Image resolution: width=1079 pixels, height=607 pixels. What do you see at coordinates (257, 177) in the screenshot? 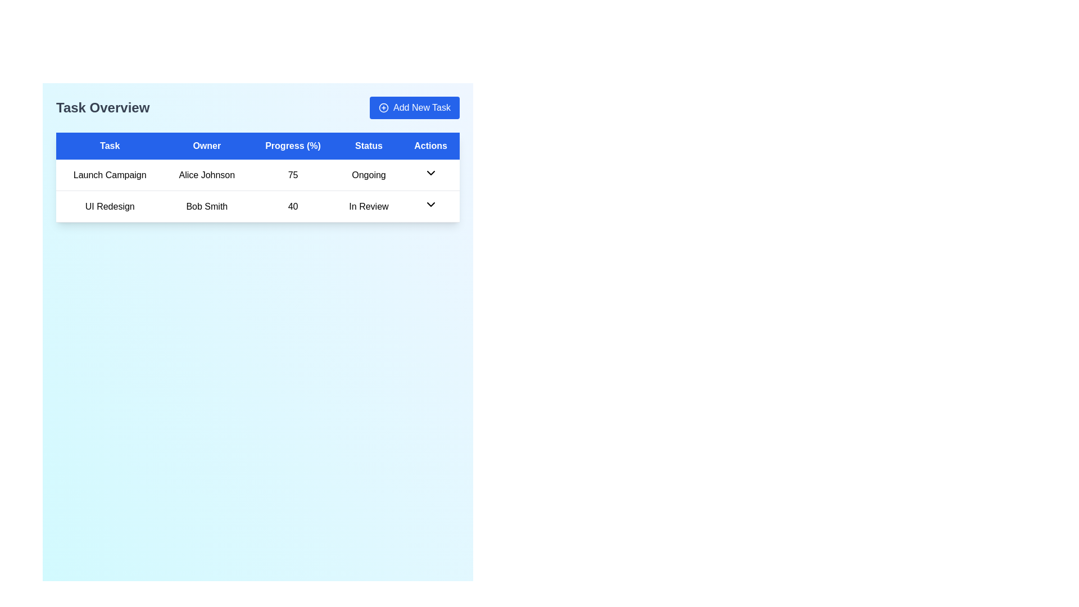
I see `each row in the task list table located below the 'Task Overview' title` at bounding box center [257, 177].